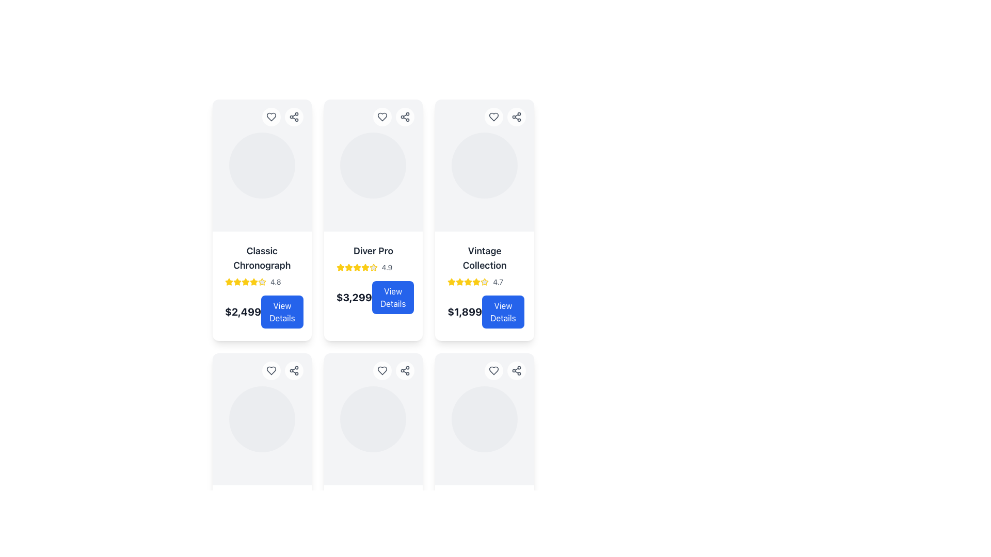  What do you see at coordinates (262, 419) in the screenshot?
I see `the circular graphic placeholder with a light gray background and pulsating animation, located in the third column of the grid layout below the heart and share icons` at bounding box center [262, 419].